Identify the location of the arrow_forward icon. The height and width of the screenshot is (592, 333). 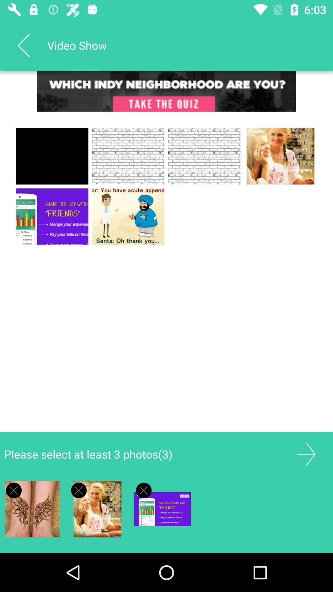
(306, 454).